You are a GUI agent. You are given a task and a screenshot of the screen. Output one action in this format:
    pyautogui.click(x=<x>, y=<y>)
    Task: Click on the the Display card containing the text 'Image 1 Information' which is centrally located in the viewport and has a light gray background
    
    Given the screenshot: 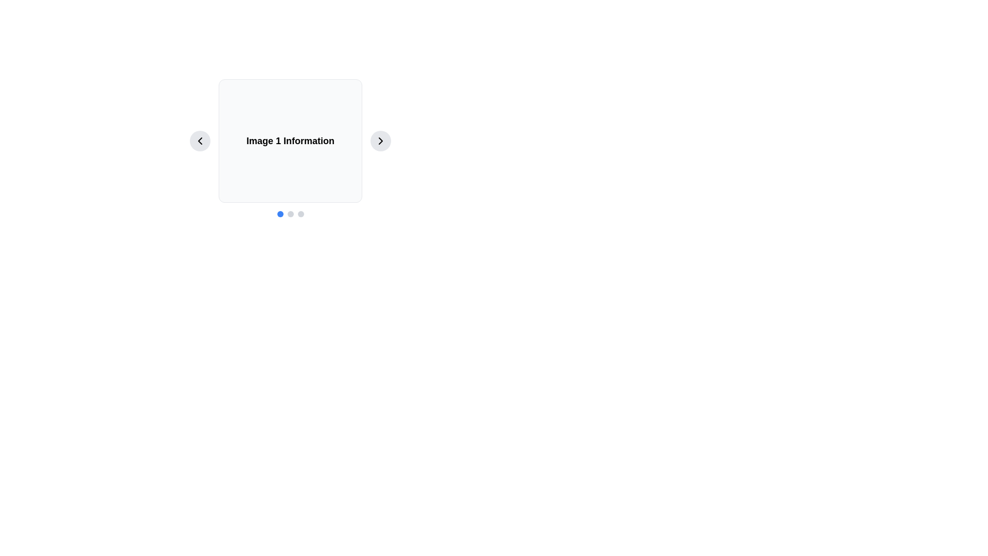 What is the action you would take?
    pyautogui.click(x=290, y=141)
    